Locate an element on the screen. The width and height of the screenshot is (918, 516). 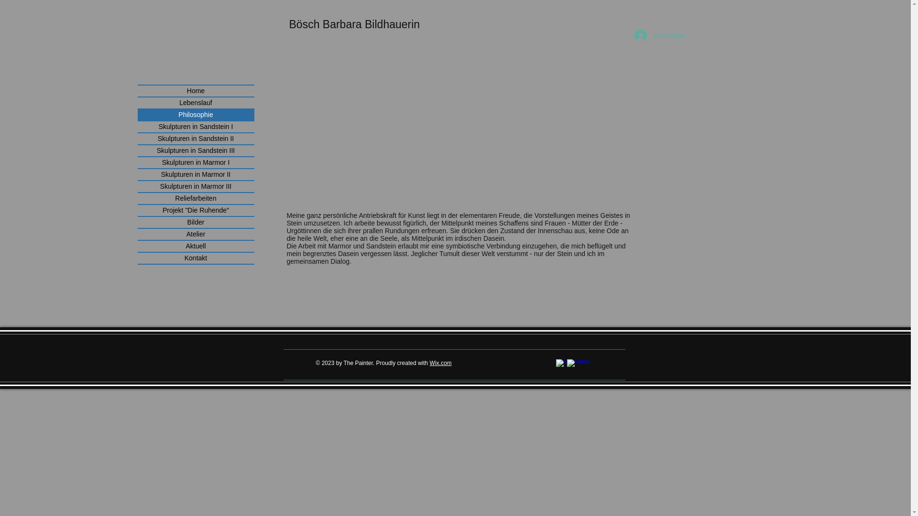
'Bilder' is located at coordinates (195, 222).